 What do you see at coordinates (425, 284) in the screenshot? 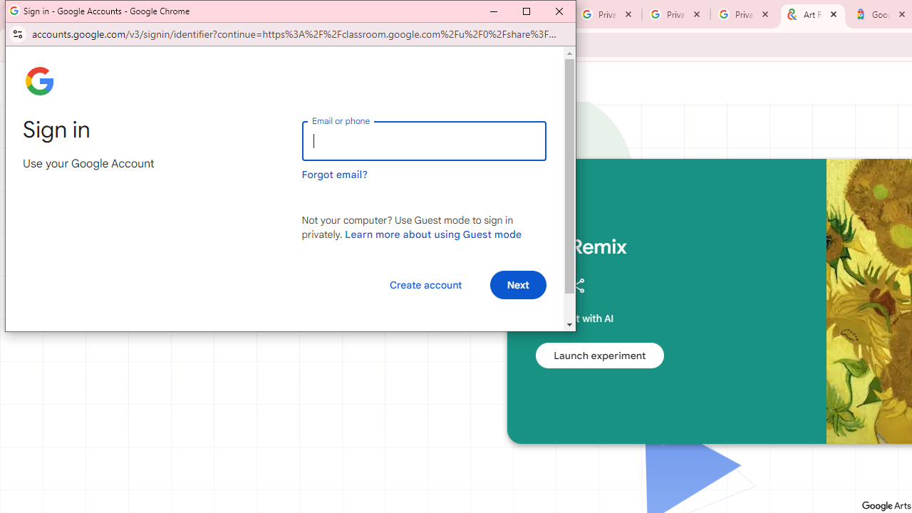
I see `'Create account'` at bounding box center [425, 284].